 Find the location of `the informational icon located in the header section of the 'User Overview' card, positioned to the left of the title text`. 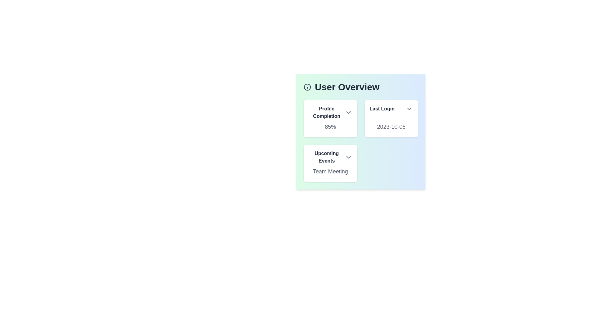

the informational icon located in the header section of the 'User Overview' card, positioned to the left of the title text is located at coordinates (307, 87).